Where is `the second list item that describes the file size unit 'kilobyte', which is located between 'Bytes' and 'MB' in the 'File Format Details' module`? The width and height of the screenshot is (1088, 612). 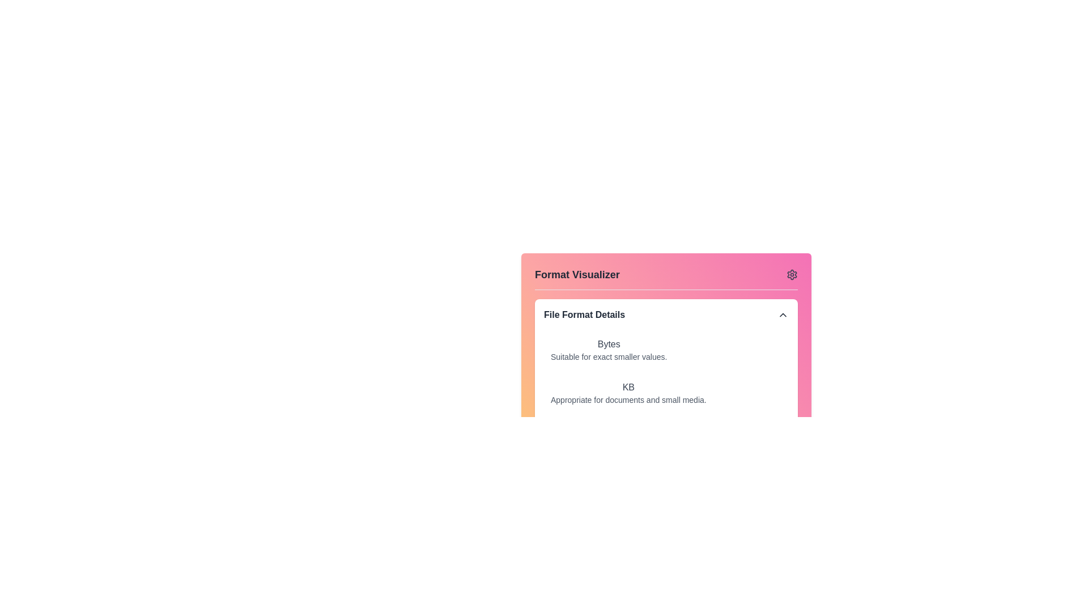
the second list item that describes the file size unit 'kilobyte', which is located between 'Bytes' and 'MB' in the 'File Format Details' module is located at coordinates (666, 393).